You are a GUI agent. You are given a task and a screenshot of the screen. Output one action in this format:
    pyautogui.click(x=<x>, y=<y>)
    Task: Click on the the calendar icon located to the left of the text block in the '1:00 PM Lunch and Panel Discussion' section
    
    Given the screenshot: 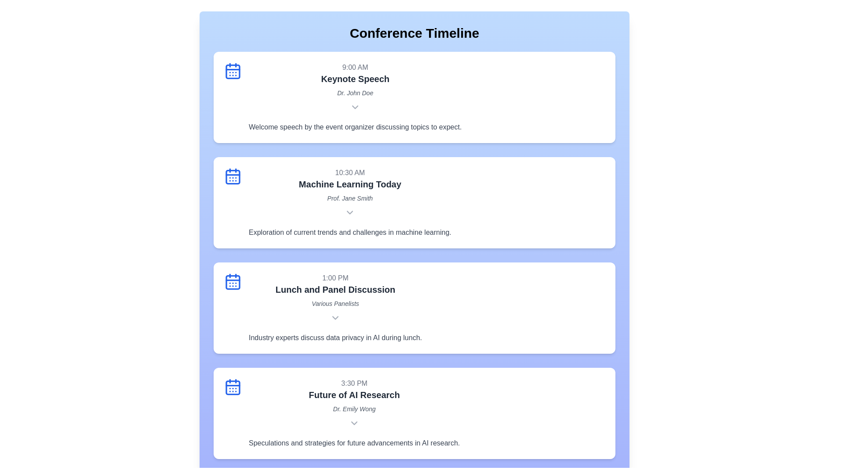 What is the action you would take?
    pyautogui.click(x=233, y=281)
    